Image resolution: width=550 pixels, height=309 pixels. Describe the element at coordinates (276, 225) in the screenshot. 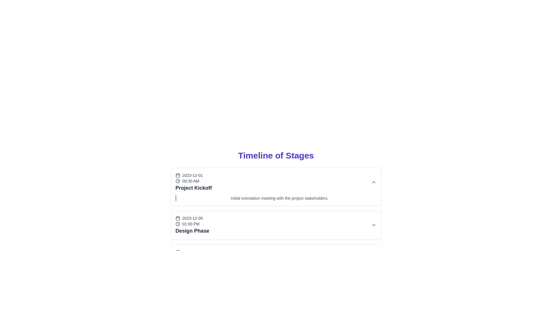

I see `the 'Design Phase' panel item for reordering in the vertically stacked list, identified by its white background, rounded corners, and shadow effect` at that location.